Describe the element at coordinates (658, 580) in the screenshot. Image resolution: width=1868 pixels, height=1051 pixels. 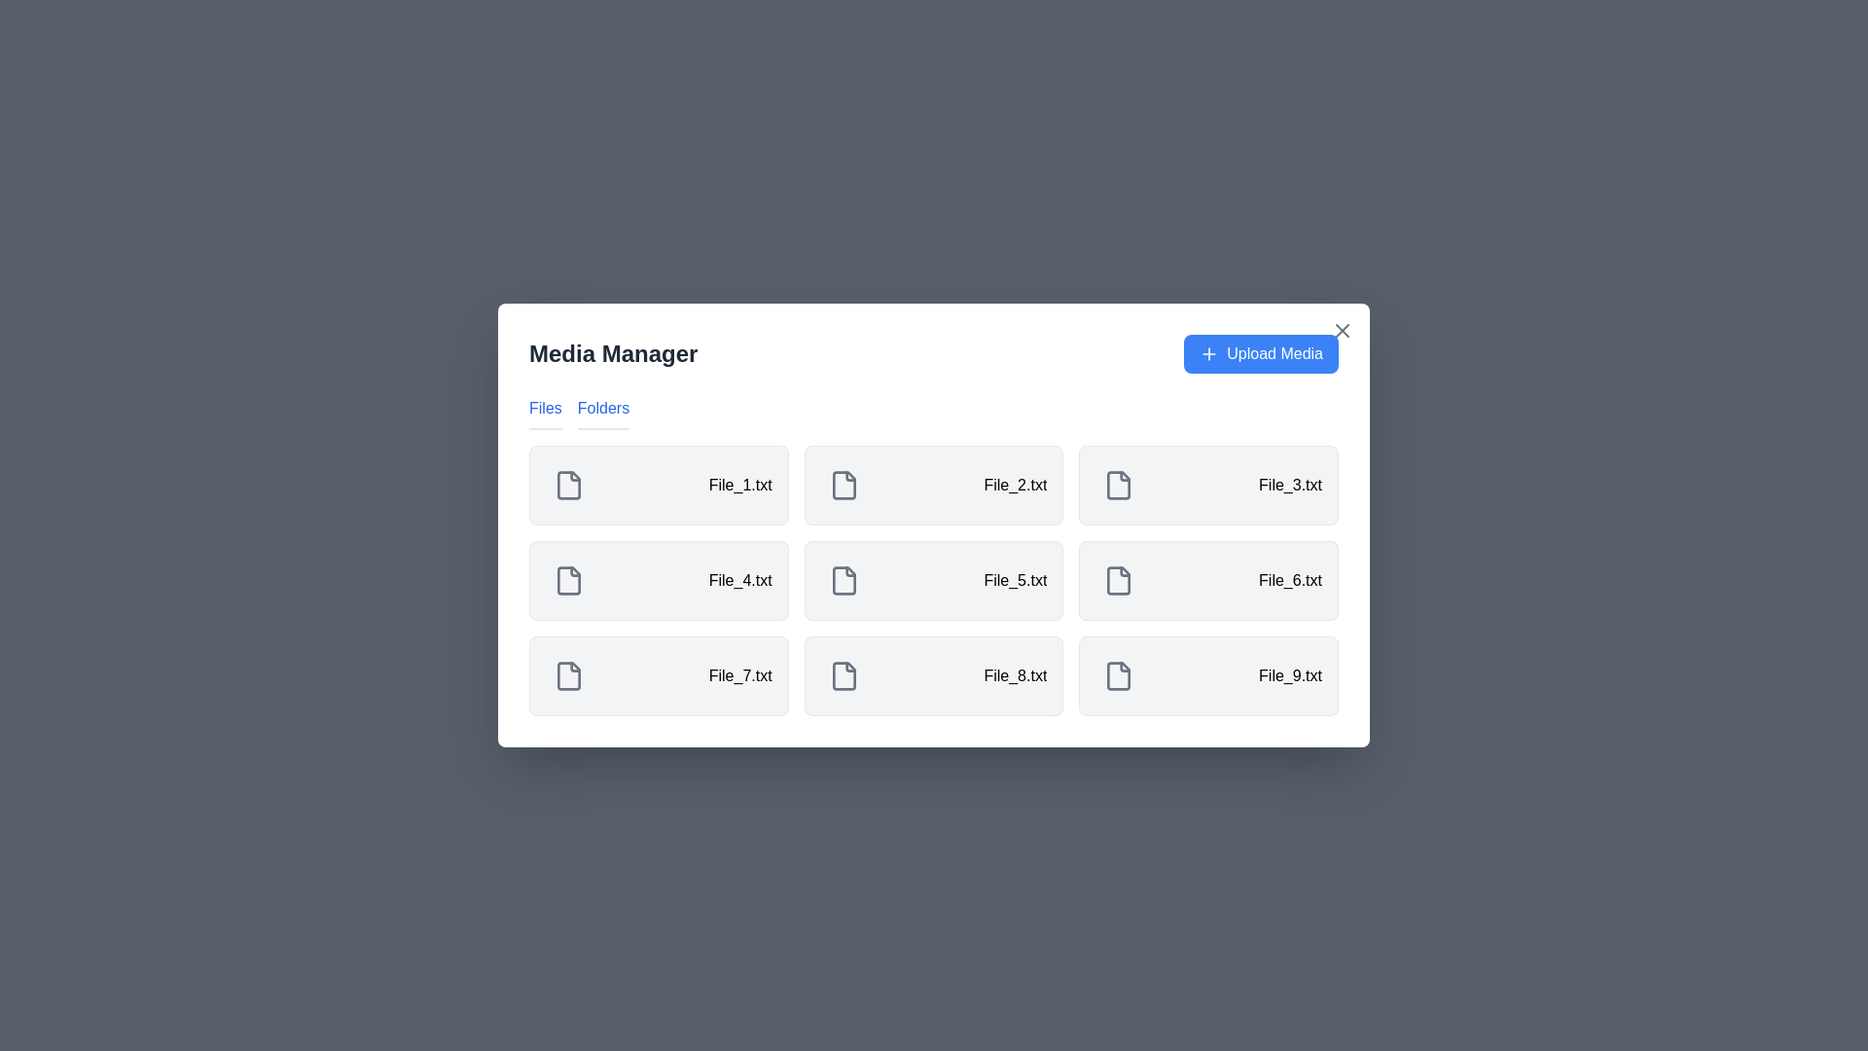
I see `the selectable file card located in the second row and first column of the media manager interface` at that location.